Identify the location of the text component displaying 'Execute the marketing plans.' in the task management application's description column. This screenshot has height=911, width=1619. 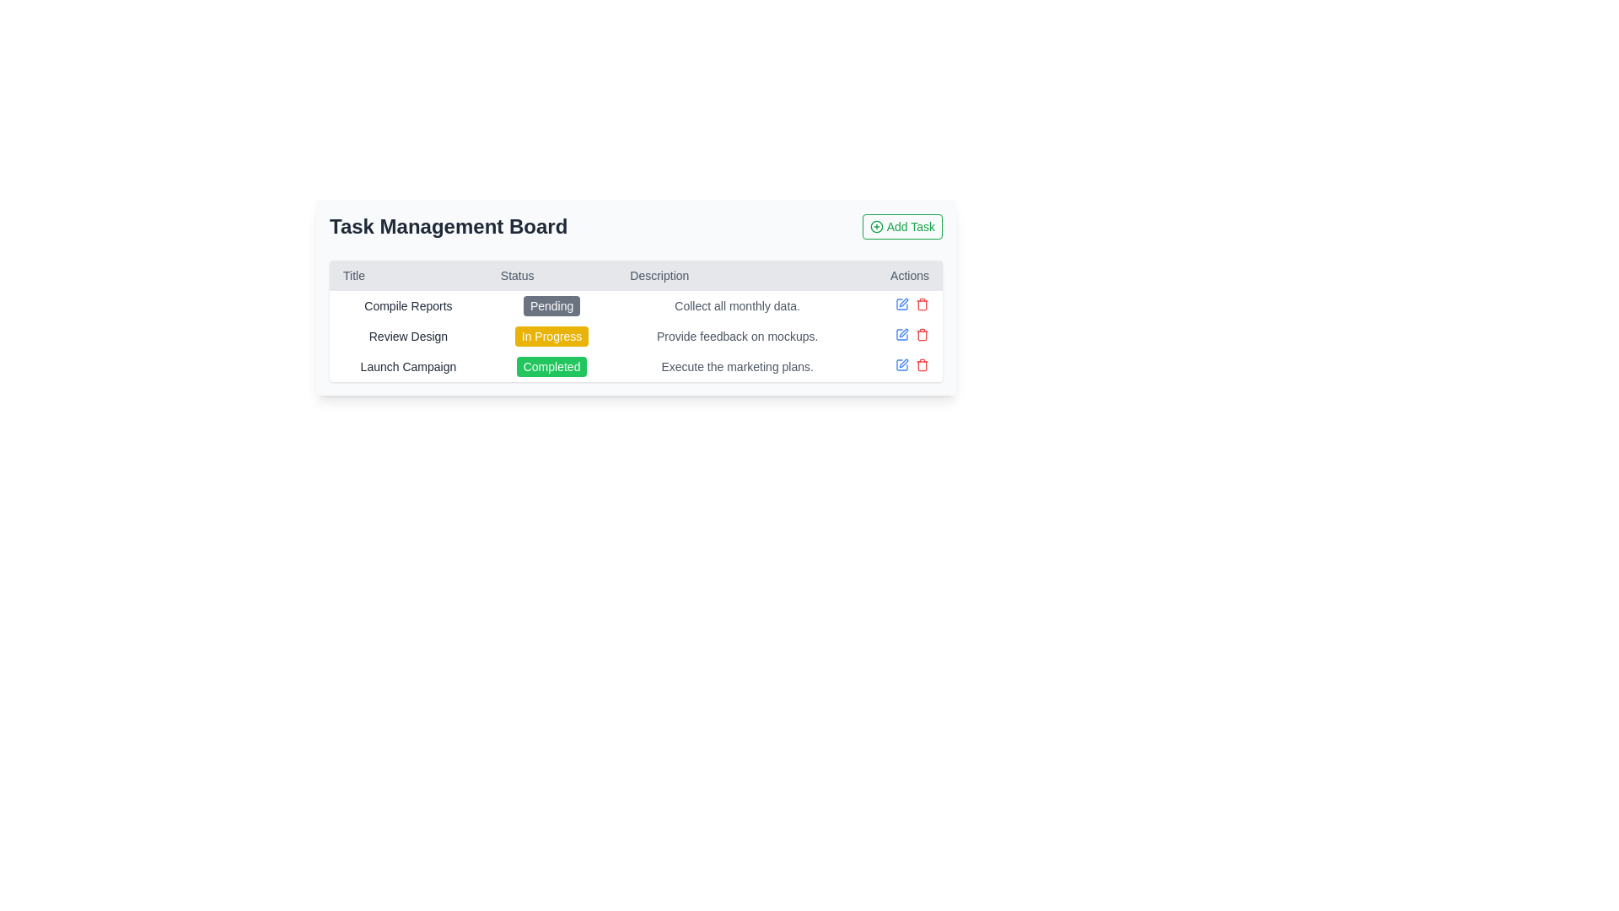
(737, 366).